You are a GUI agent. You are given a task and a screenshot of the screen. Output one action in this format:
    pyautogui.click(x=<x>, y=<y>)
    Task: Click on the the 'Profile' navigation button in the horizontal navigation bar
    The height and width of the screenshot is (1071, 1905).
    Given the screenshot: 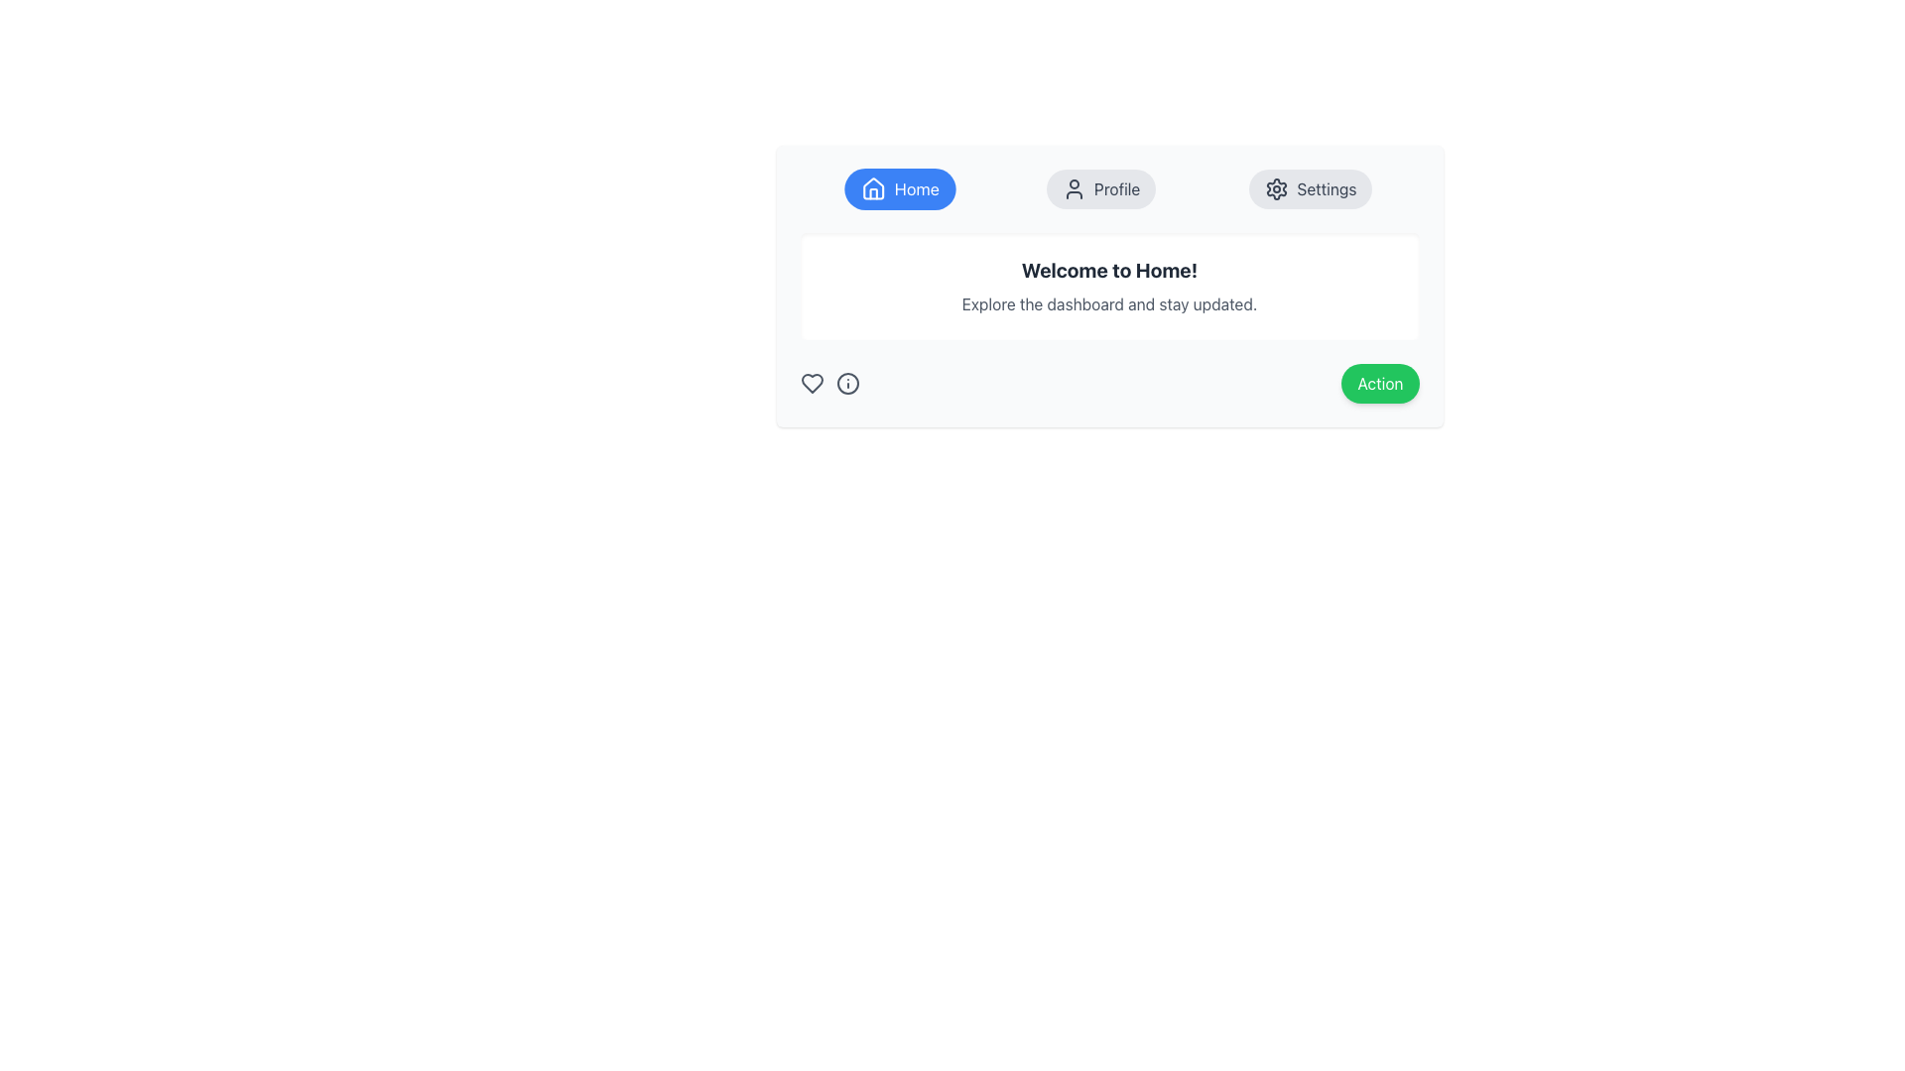 What is the action you would take?
    pyautogui.click(x=1100, y=189)
    